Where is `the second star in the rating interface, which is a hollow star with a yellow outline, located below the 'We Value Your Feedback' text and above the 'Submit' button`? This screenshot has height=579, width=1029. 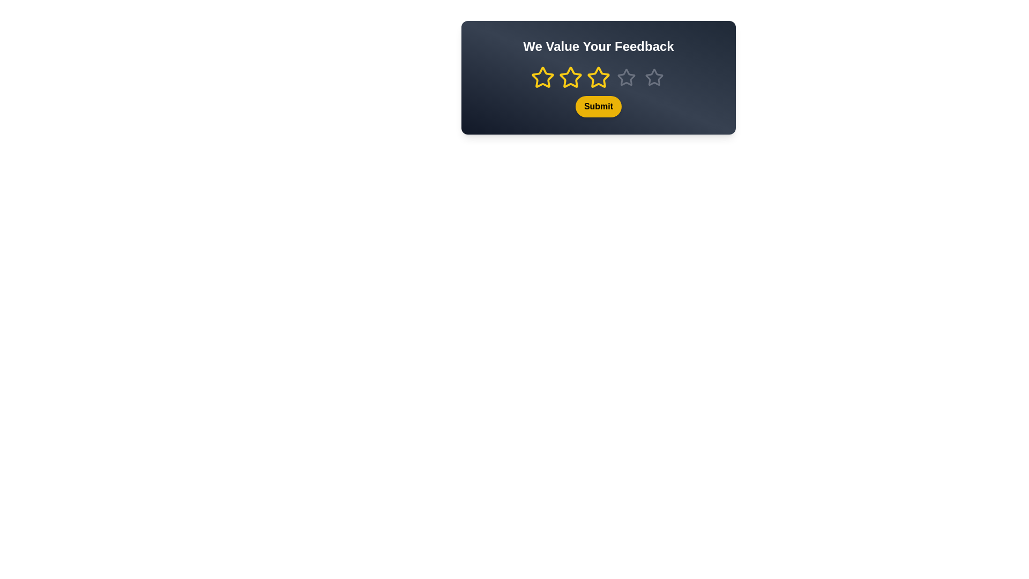
the second star in the rating interface, which is a hollow star with a yellow outline, located below the 'We Value Your Feedback' text and above the 'Submit' button is located at coordinates (598, 77).